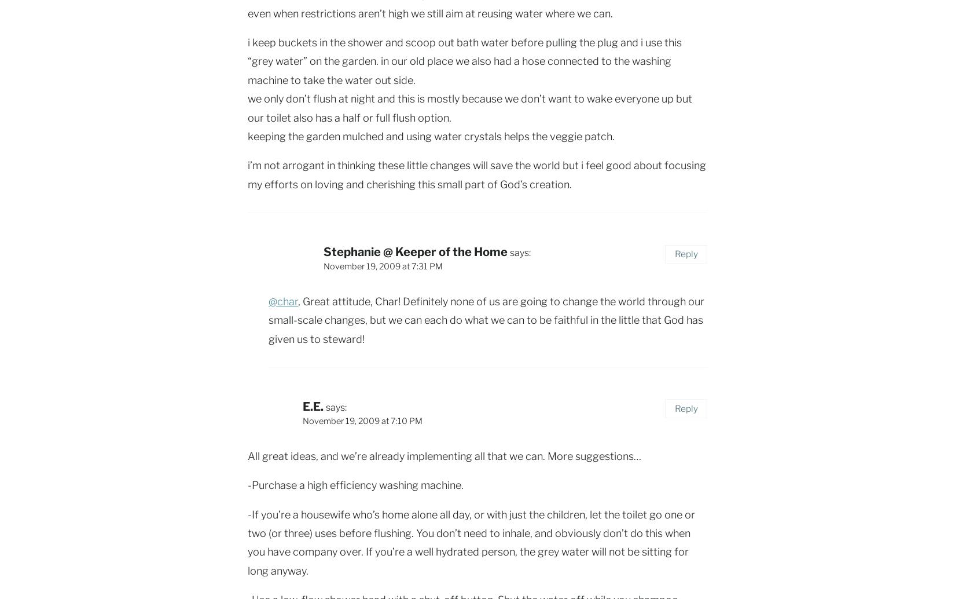 This screenshot has height=599, width=955. I want to click on 'E.E.', so click(313, 406).